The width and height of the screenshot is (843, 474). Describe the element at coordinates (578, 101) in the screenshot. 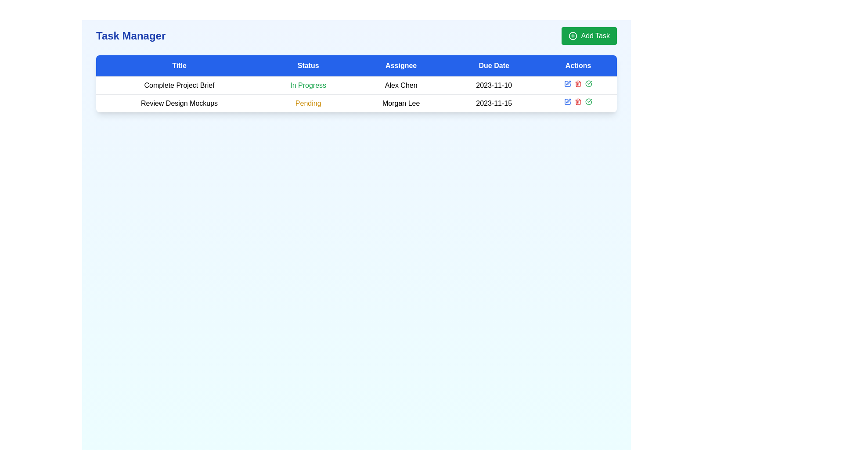

I see `the delete button located in the 'Actions' column of the last row in the task table` at that location.